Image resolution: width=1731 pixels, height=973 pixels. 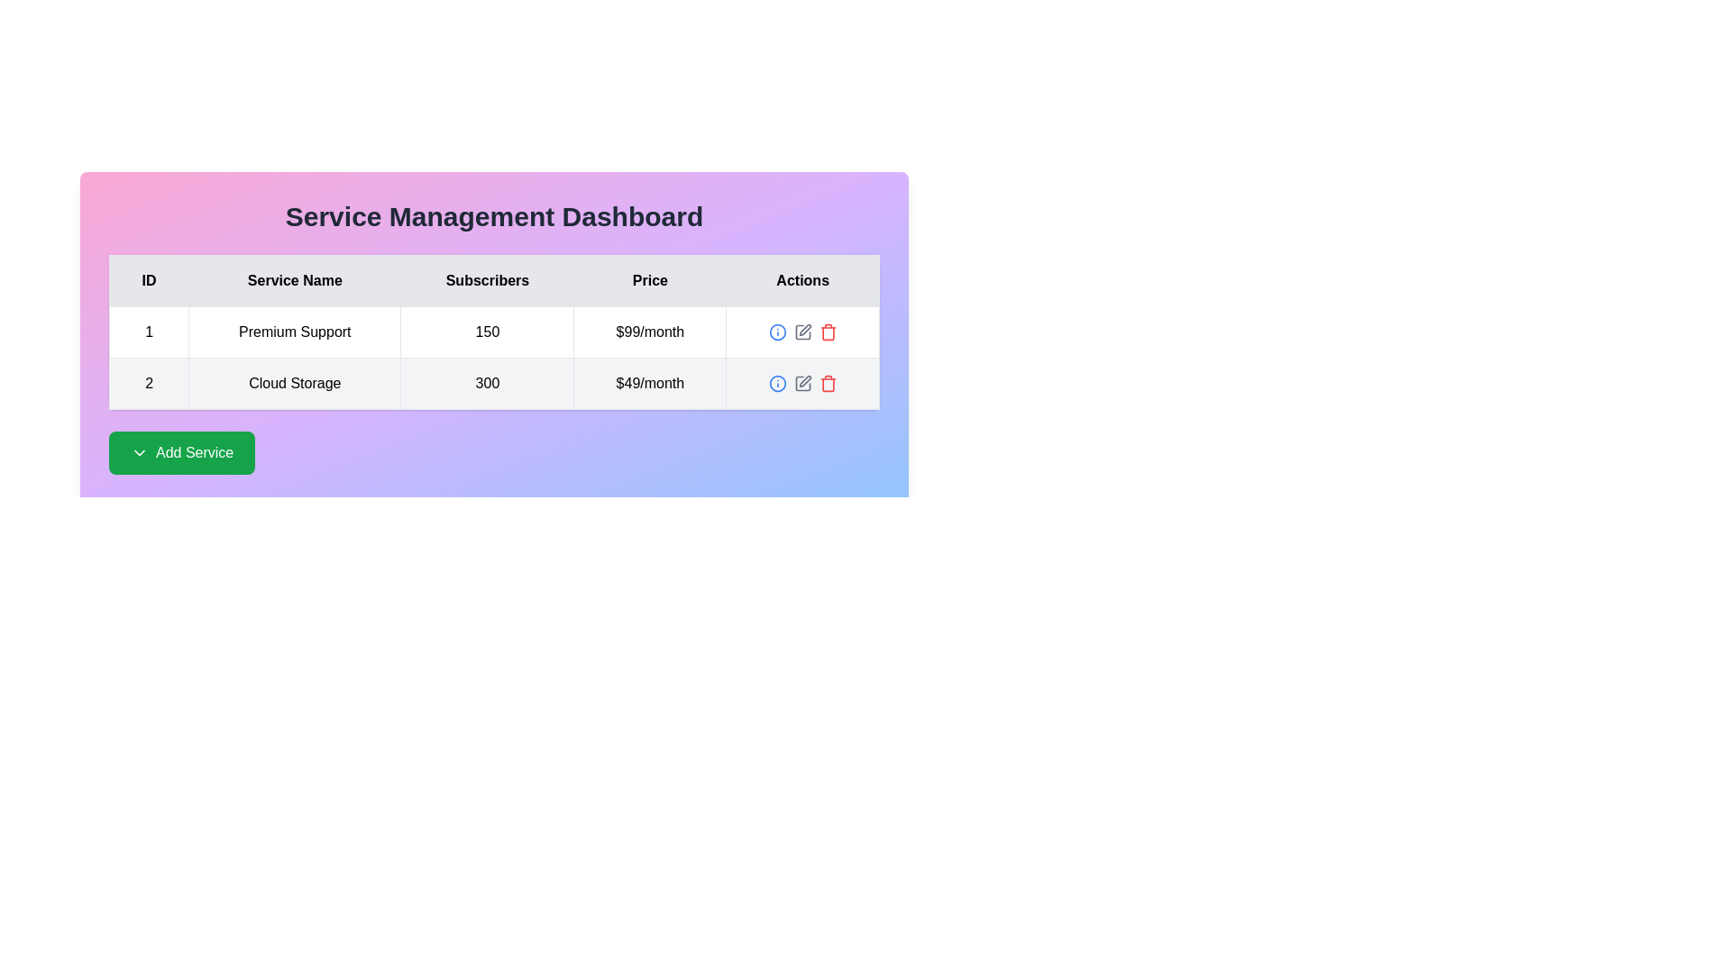 I want to click on the text cell containing the number '1' in the first row of the table under the 'ID' column, so click(x=149, y=332).